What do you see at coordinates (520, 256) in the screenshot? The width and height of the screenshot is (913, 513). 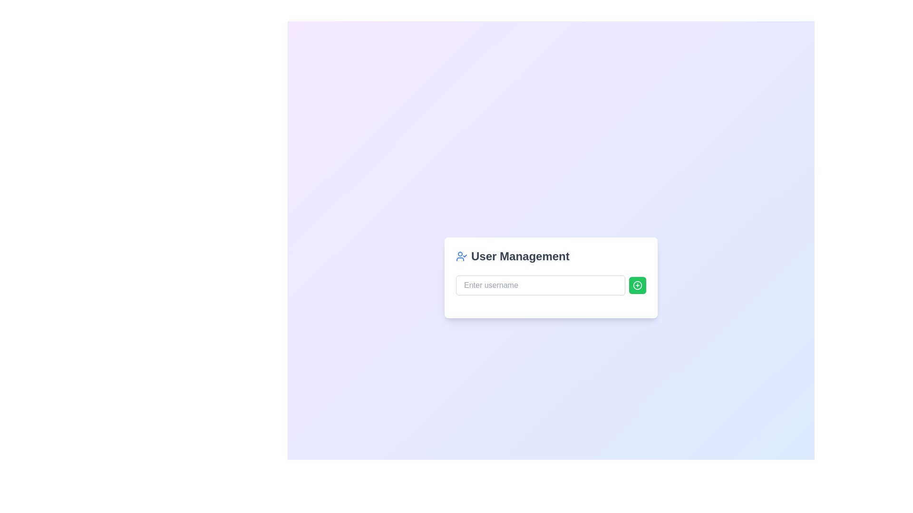 I see `the 'User Management' header text label located at the top of the interface's card-like section, to the right of the user icon` at bounding box center [520, 256].